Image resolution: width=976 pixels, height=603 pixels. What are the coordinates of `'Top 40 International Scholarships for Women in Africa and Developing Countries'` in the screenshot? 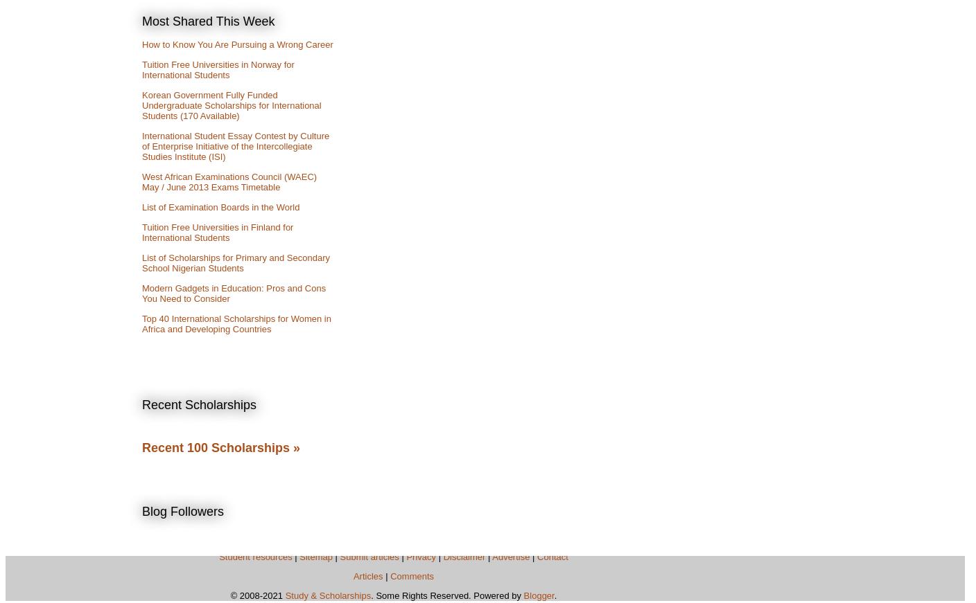 It's located at (141, 323).